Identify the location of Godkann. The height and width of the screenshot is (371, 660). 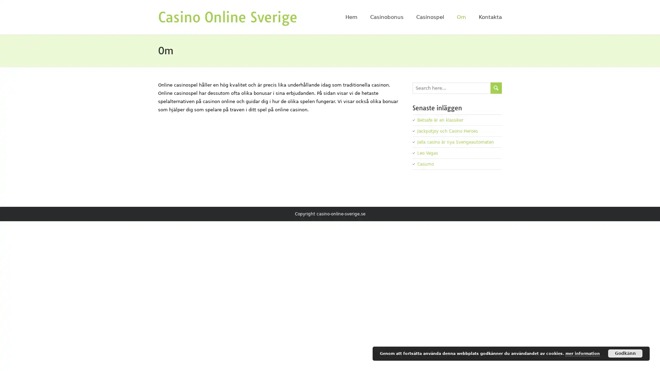
(625, 353).